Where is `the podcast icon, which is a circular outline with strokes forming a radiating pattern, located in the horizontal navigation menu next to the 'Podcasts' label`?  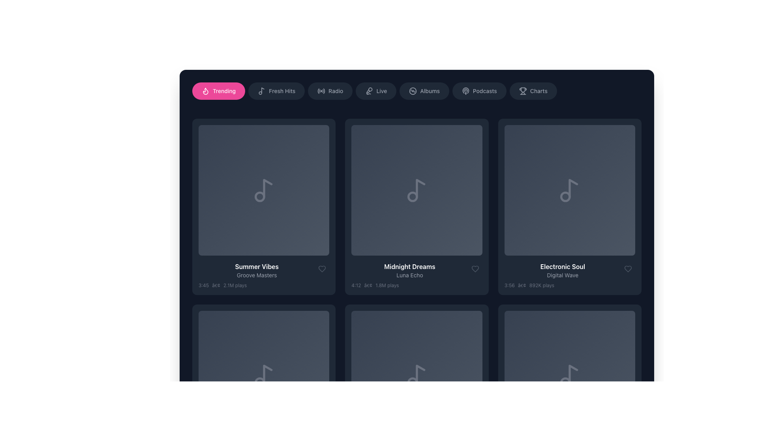
the podcast icon, which is a circular outline with strokes forming a radiating pattern, located in the horizontal navigation menu next to the 'Podcasts' label is located at coordinates (465, 90).